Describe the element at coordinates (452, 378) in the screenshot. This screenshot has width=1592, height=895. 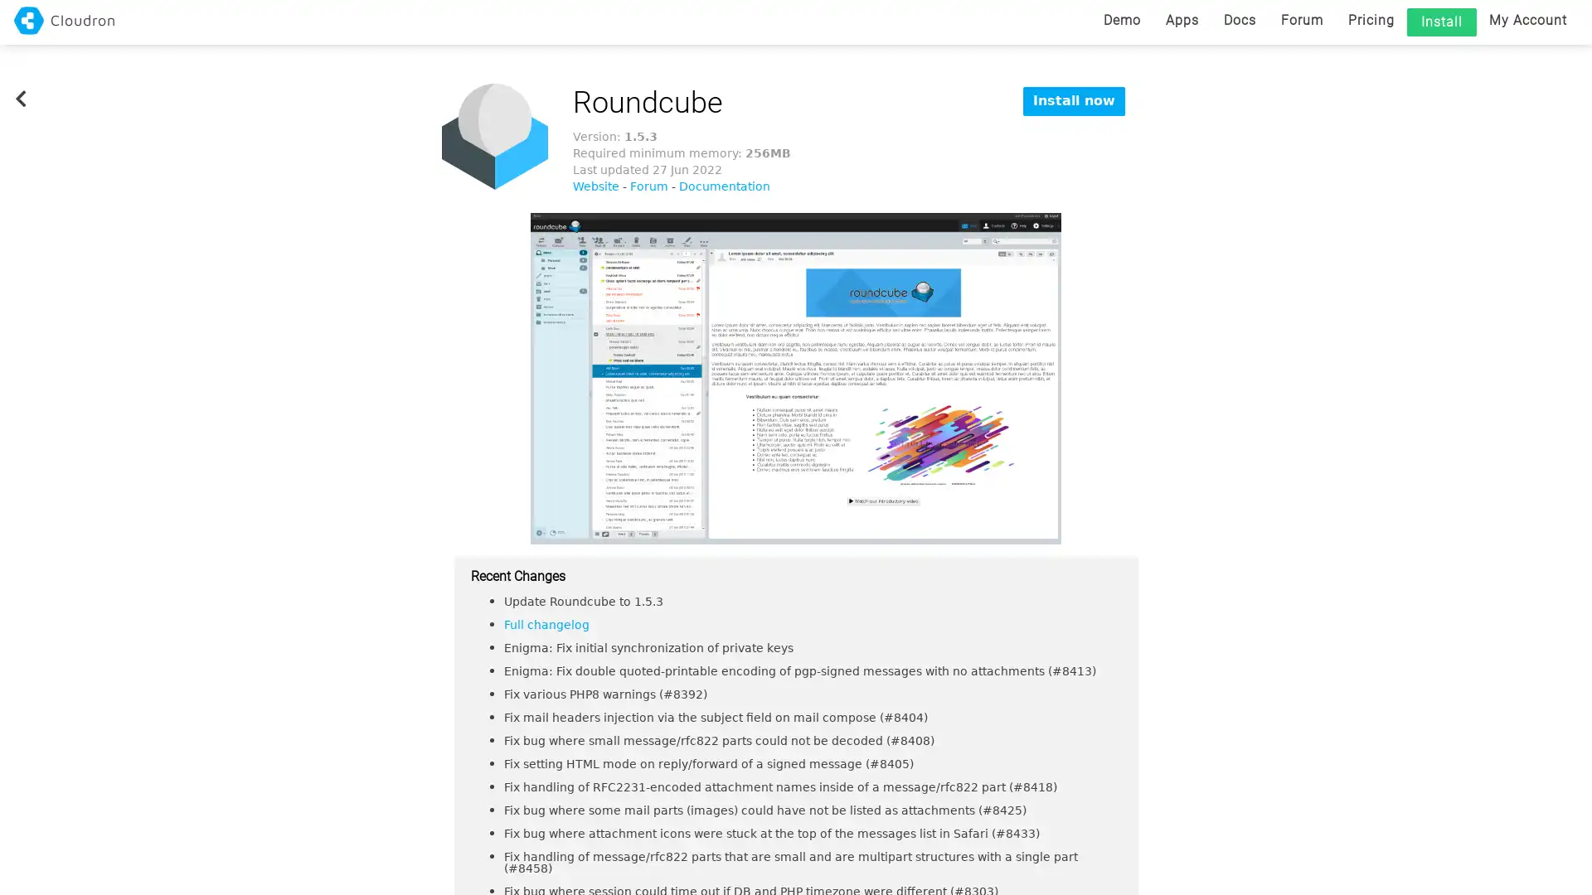
I see `Previous` at that location.